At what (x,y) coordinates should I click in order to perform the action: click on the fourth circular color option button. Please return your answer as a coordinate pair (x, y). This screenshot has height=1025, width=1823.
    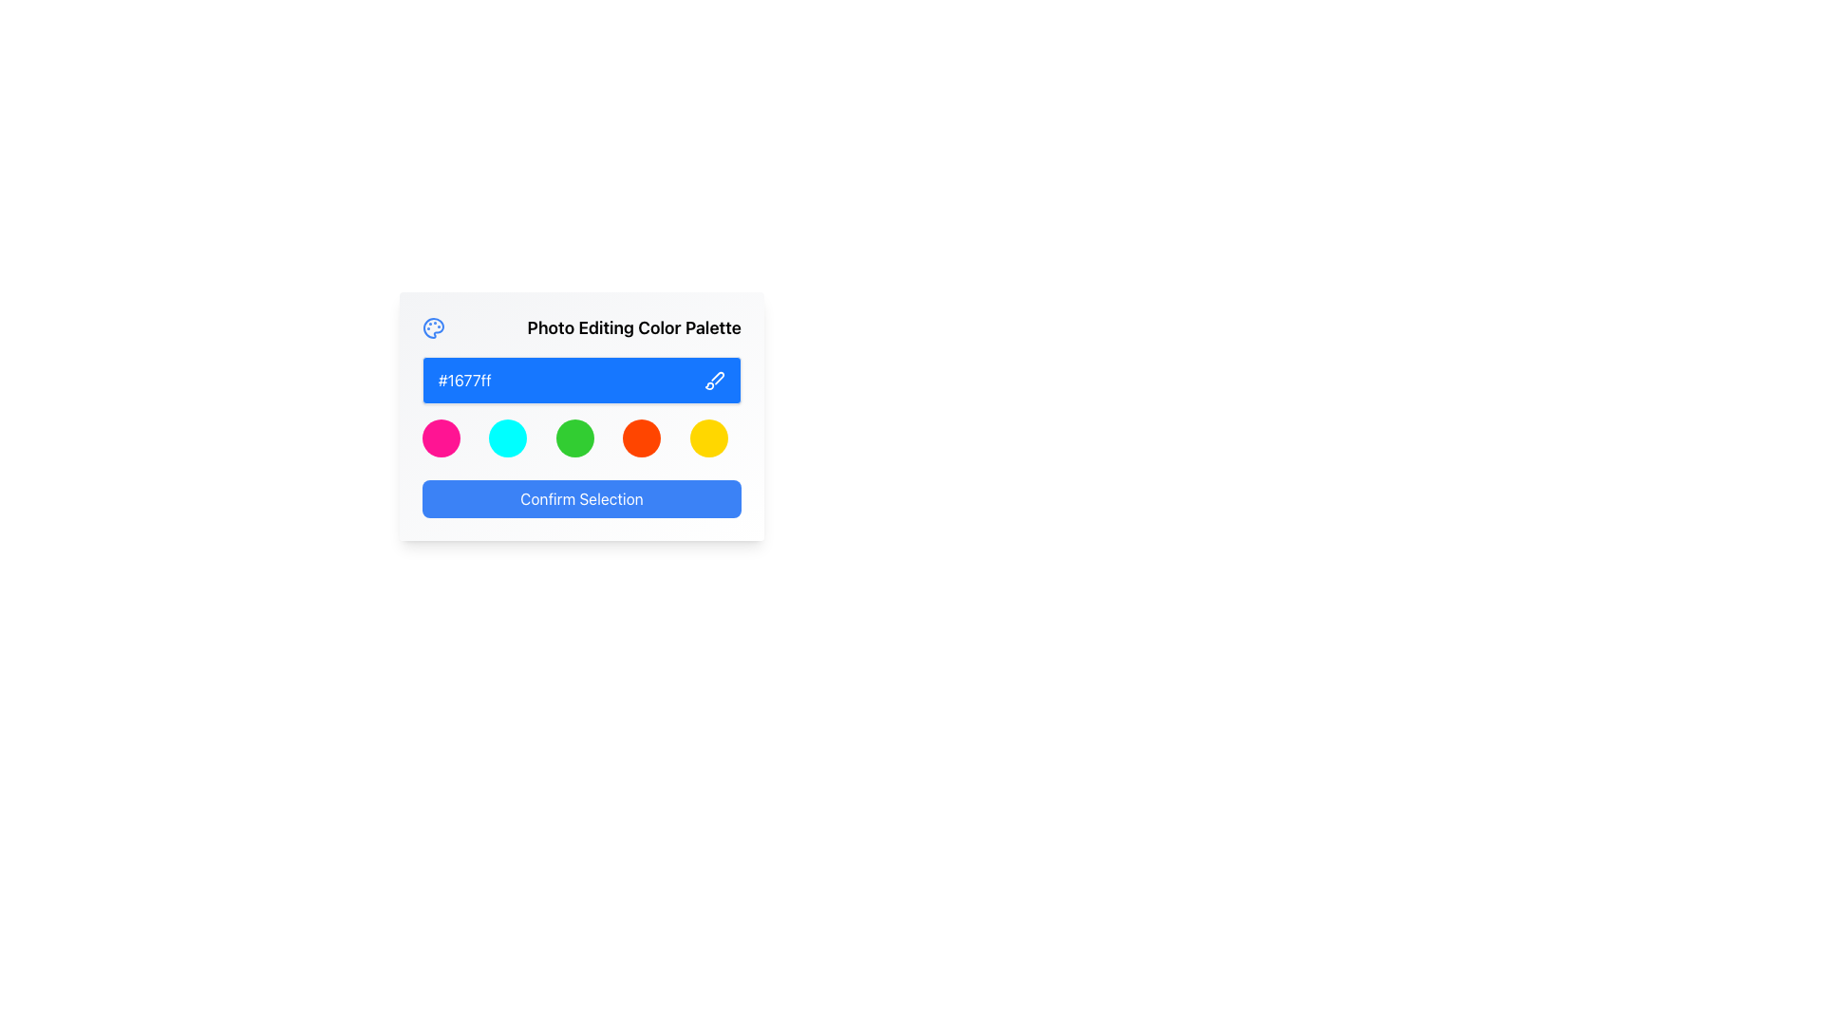
    Looking at the image, I should click on (642, 438).